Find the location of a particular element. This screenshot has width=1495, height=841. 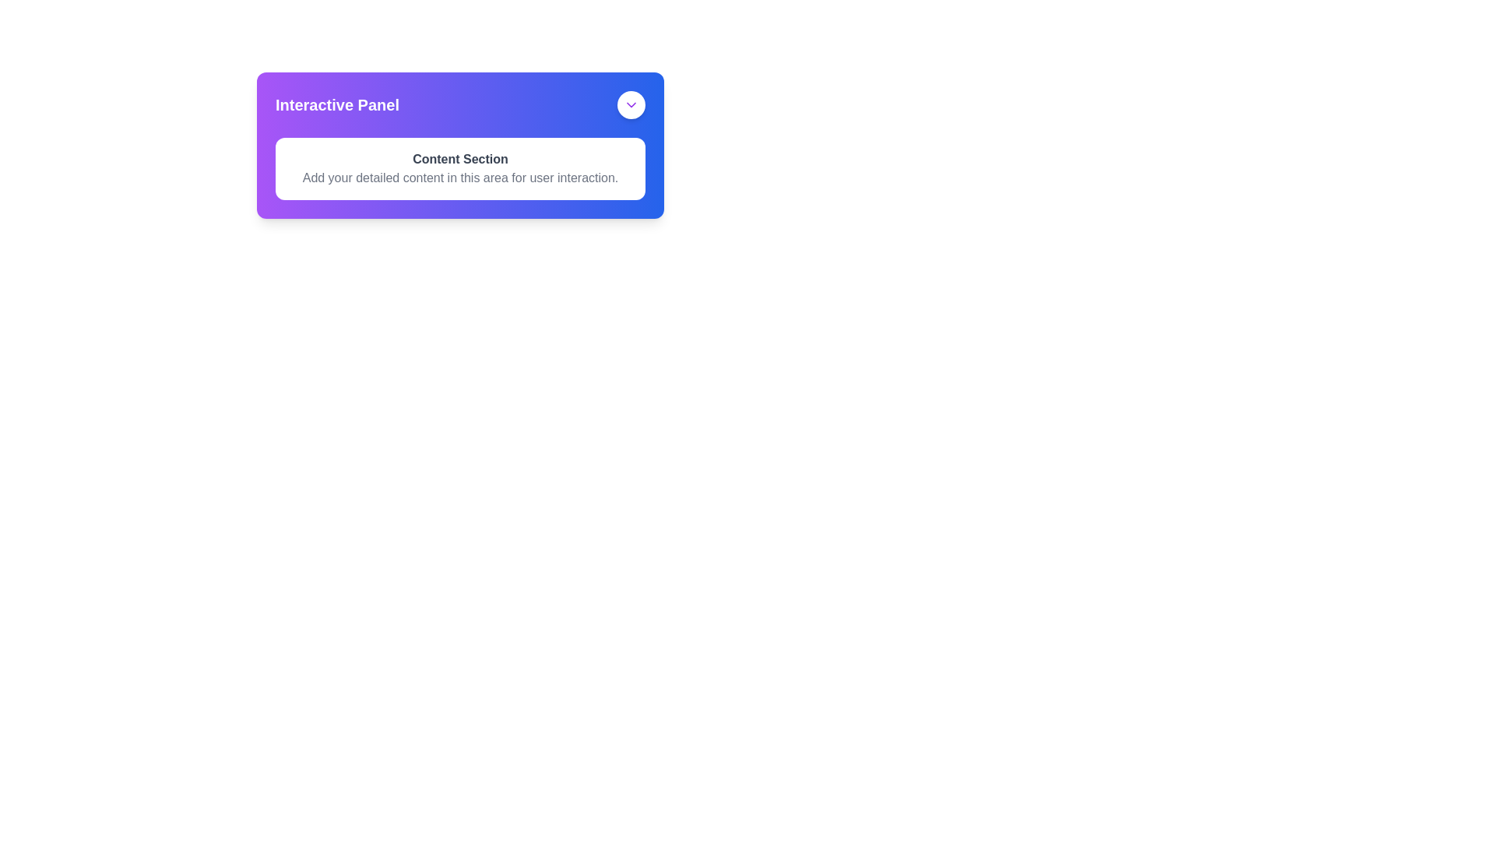

the circular button with a white background and purple chevron icon is located at coordinates (631, 105).